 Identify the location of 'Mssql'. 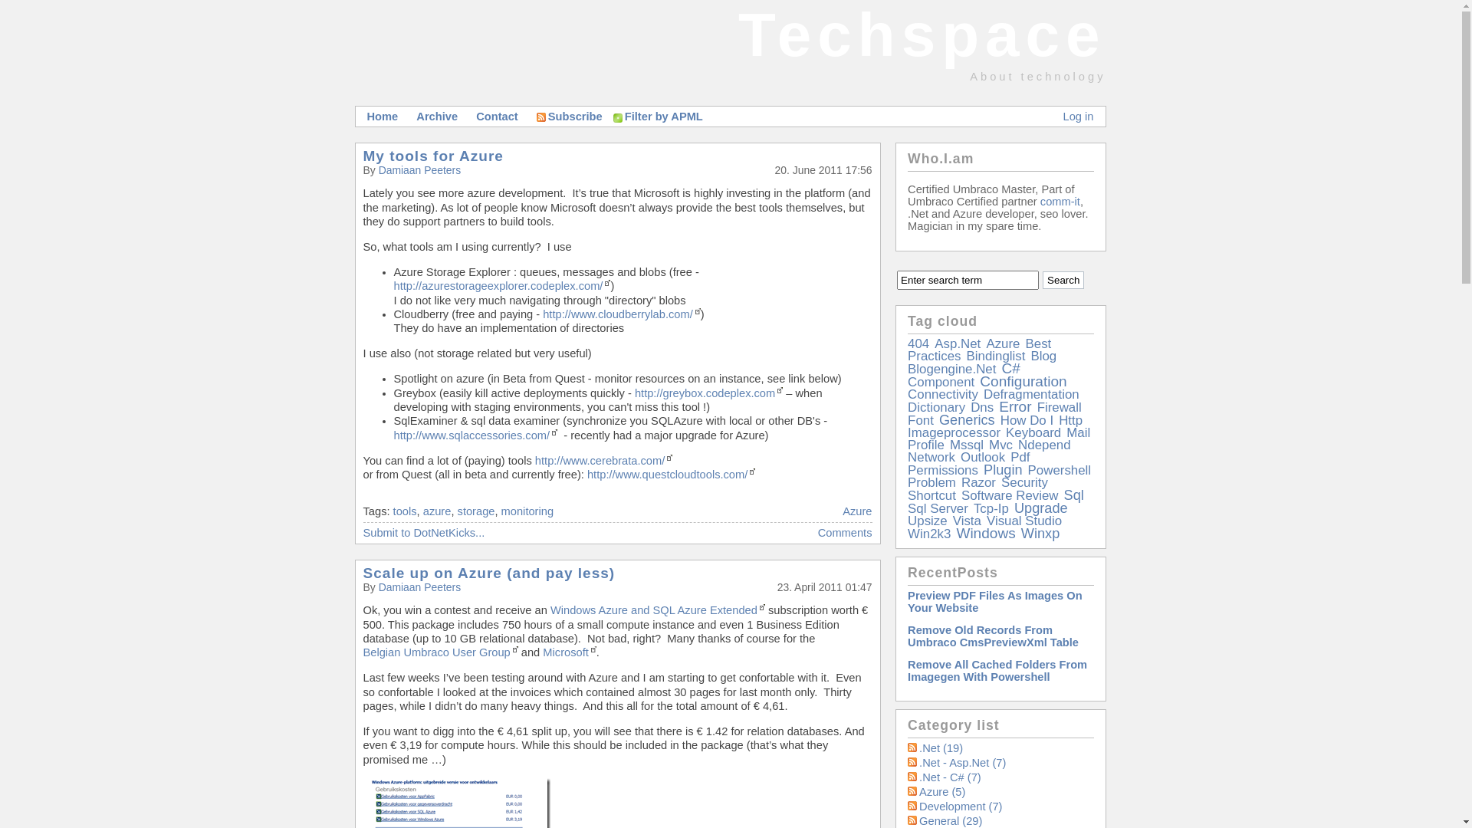
(966, 445).